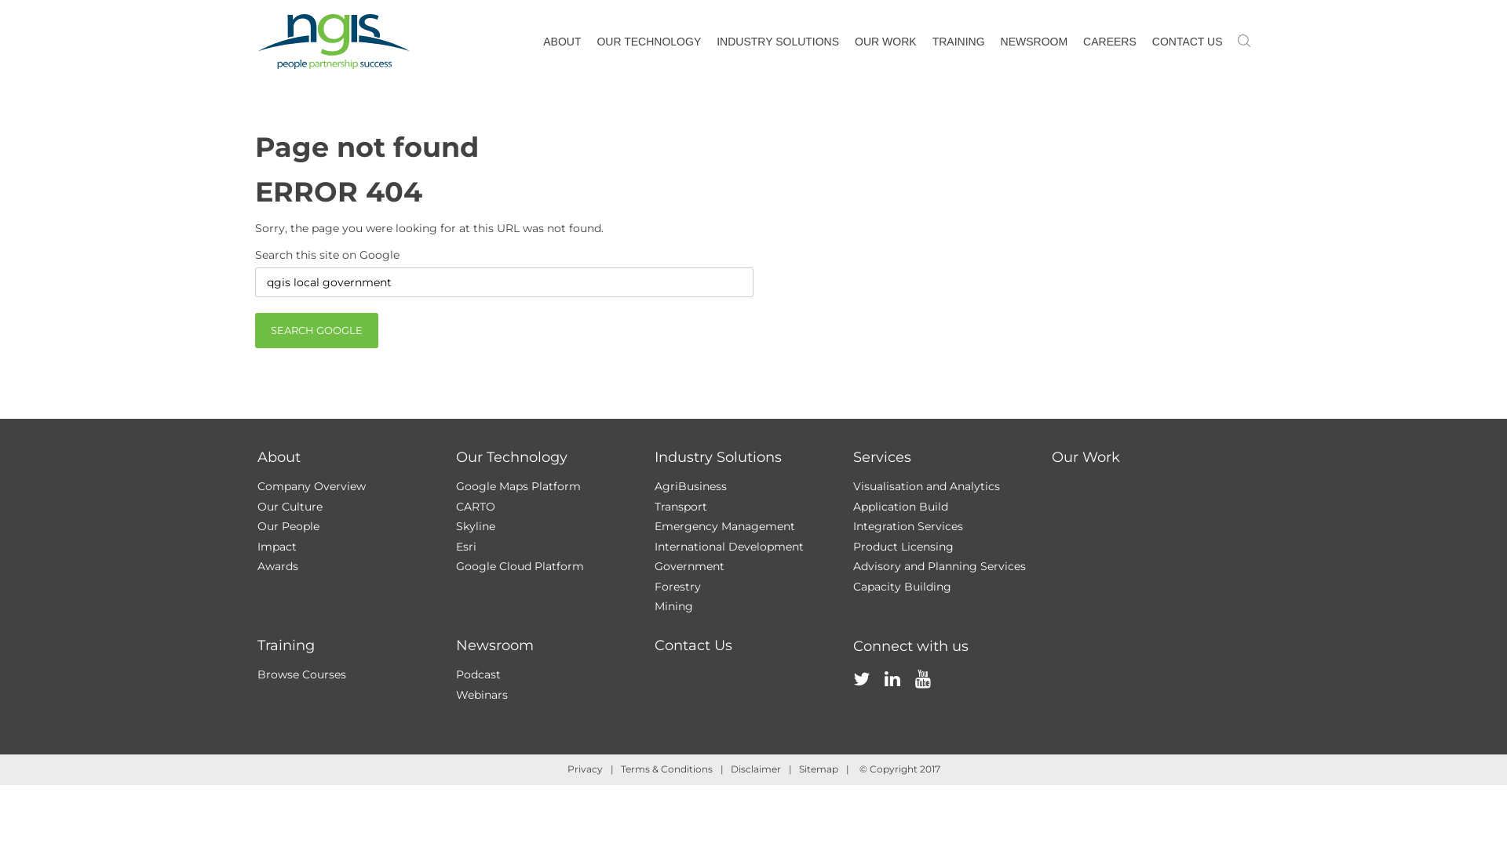  What do you see at coordinates (279, 456) in the screenshot?
I see `'About'` at bounding box center [279, 456].